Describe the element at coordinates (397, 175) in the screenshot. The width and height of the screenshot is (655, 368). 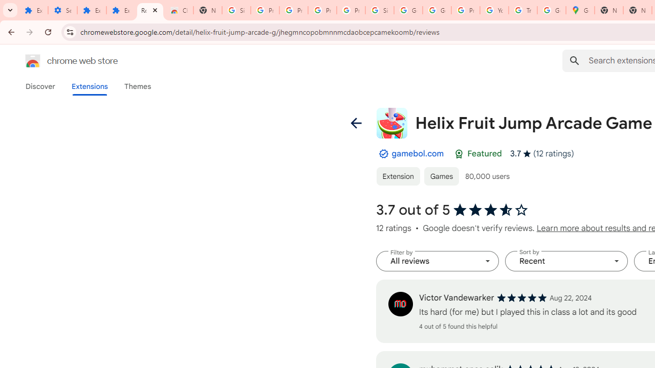
I see `'Extension'` at that location.